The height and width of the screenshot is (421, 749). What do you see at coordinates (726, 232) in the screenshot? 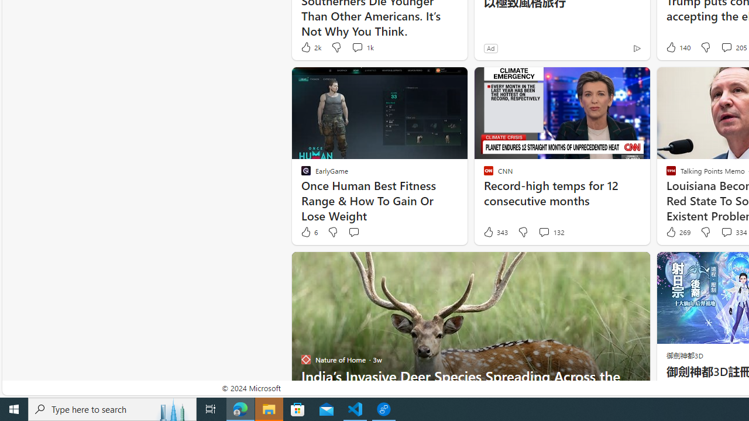
I see `'View comments 334 Comment'` at bounding box center [726, 232].